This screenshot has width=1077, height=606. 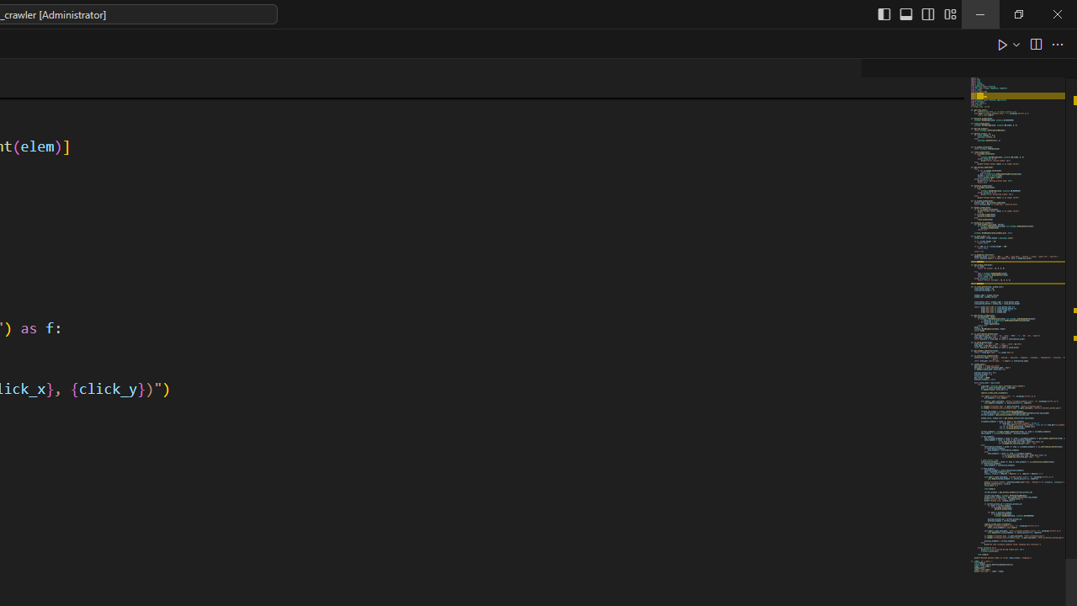 What do you see at coordinates (905, 13) in the screenshot?
I see `'Toggle Panel (Ctrl+J)'` at bounding box center [905, 13].